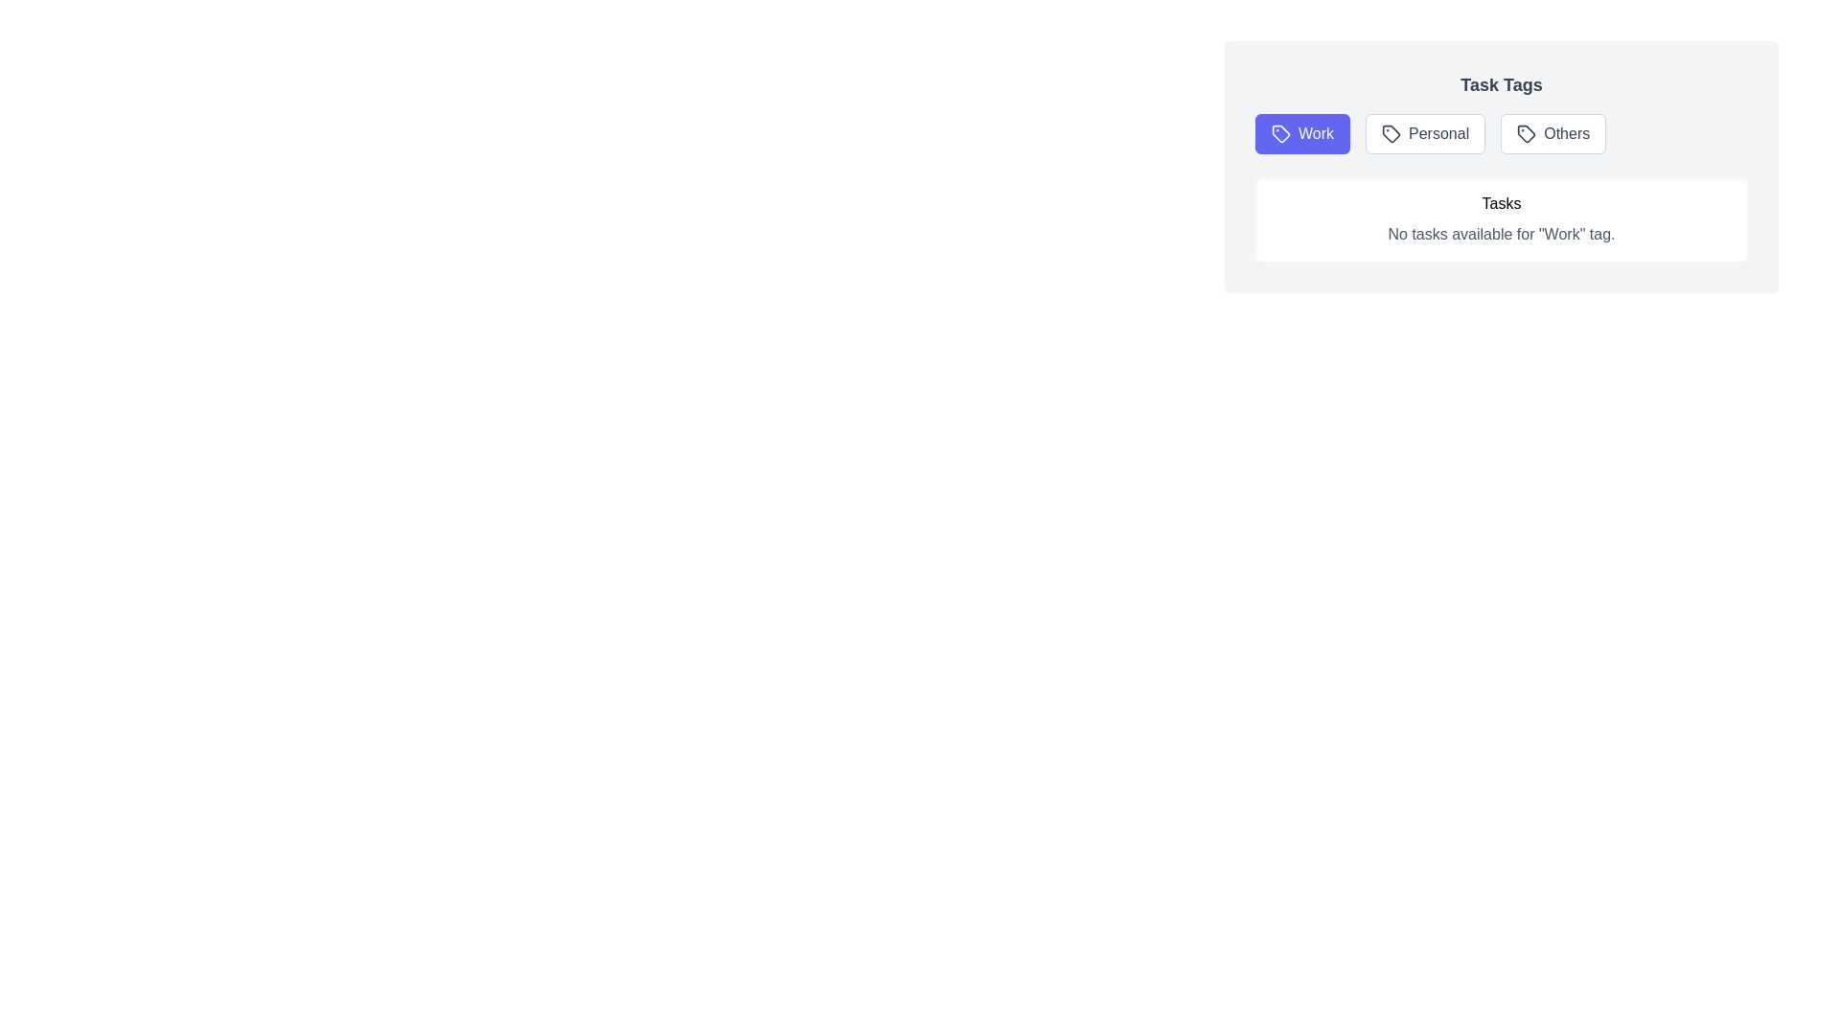  What do you see at coordinates (1302, 132) in the screenshot?
I see `the leftmost button labeled 'Work' with a dark indigo background and white text` at bounding box center [1302, 132].